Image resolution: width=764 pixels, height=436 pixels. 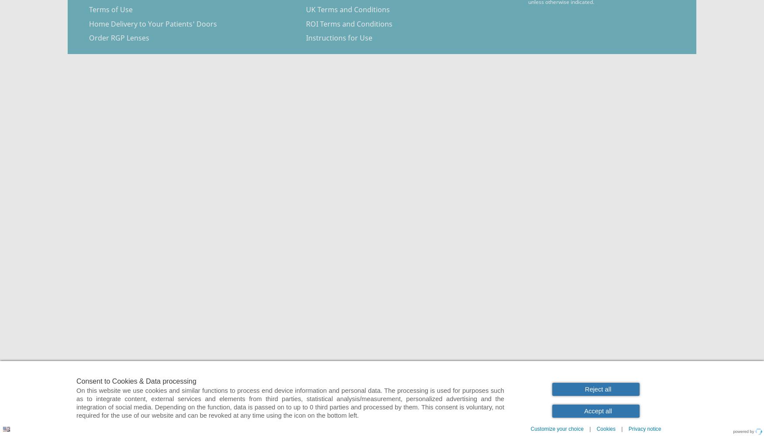 I want to click on 'Cookies', so click(x=596, y=429).